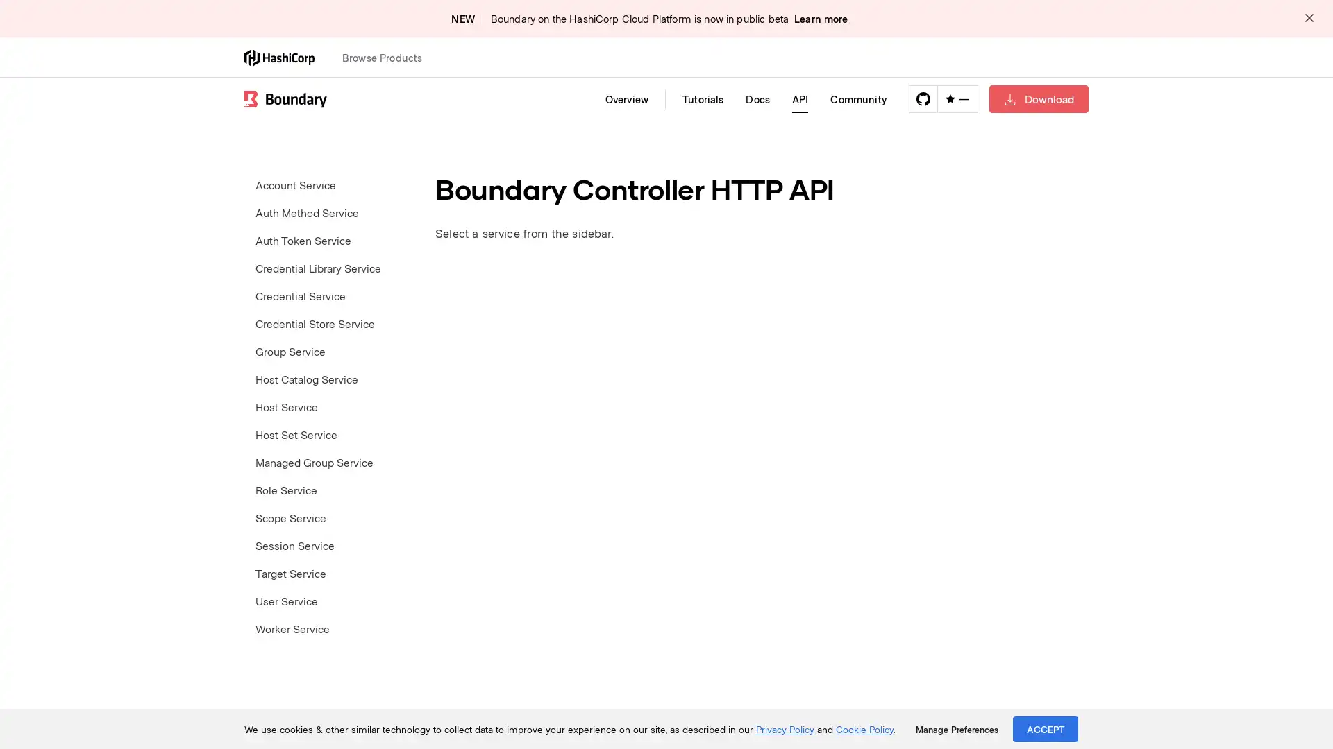 The image size is (1333, 749). I want to click on Manage Preferences, so click(956, 729).